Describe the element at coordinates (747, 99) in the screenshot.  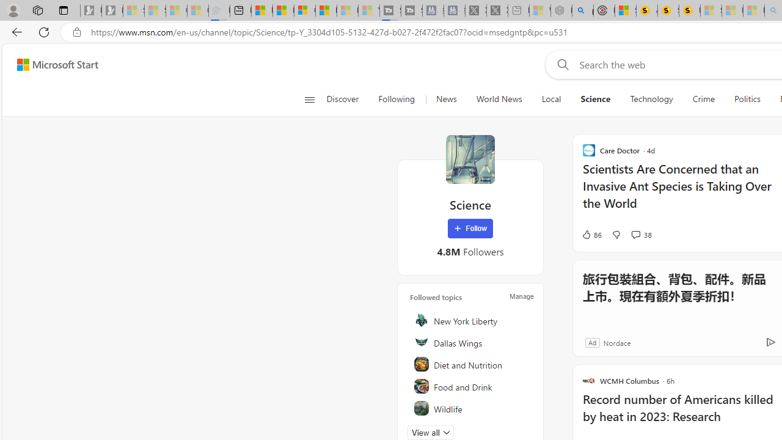
I see `'Politics'` at that location.